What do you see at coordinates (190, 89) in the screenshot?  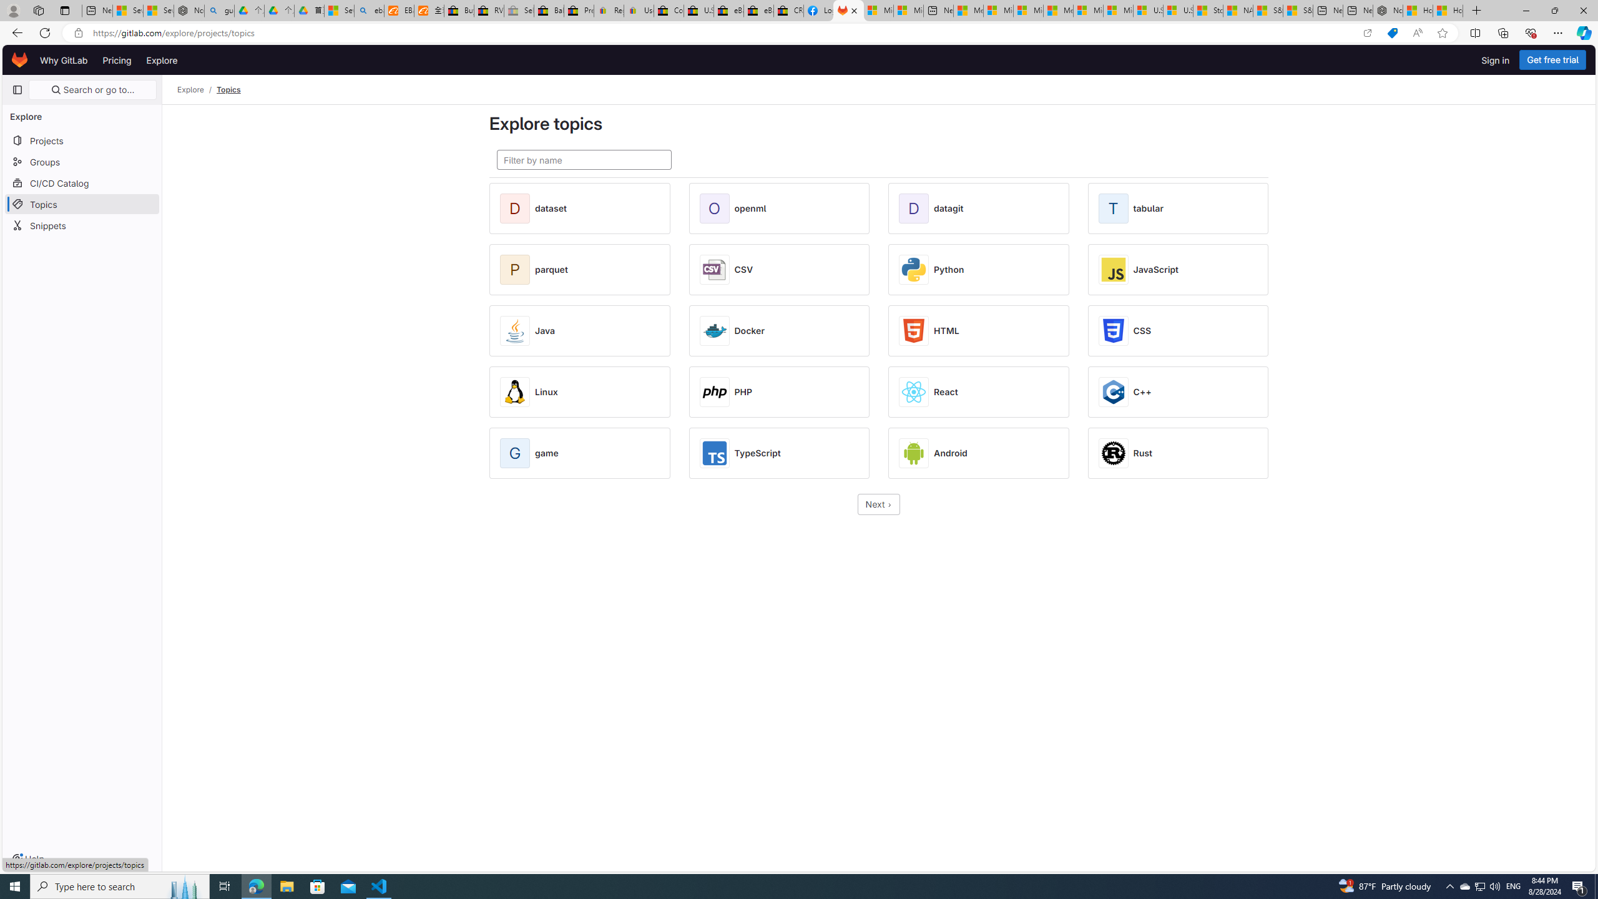 I see `'Explore'` at bounding box center [190, 89].